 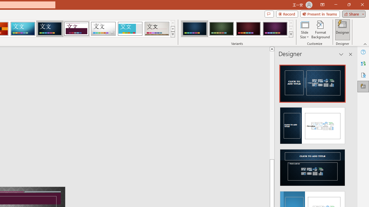 I want to click on 'Ribbon Display Options', so click(x=322, y=5).